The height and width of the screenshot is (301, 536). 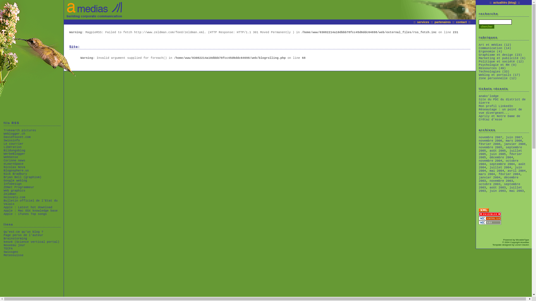 I want to click on 'septembre 2004', so click(x=489, y=164).